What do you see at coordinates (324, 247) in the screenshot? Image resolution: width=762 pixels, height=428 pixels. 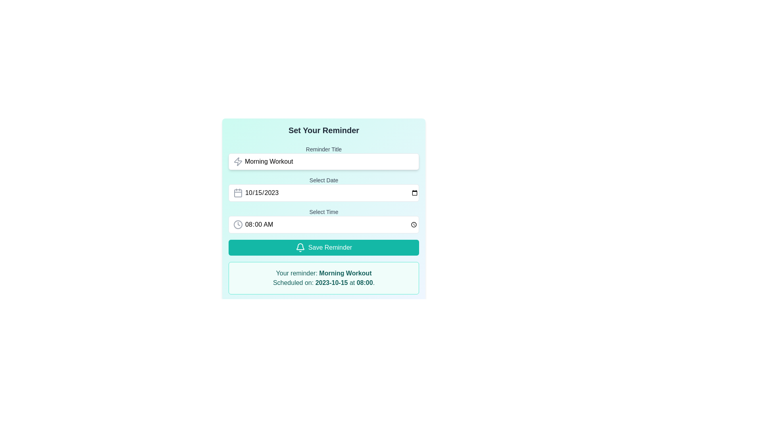 I see `the 'Save Reminder' button with a teal background and white text` at bounding box center [324, 247].